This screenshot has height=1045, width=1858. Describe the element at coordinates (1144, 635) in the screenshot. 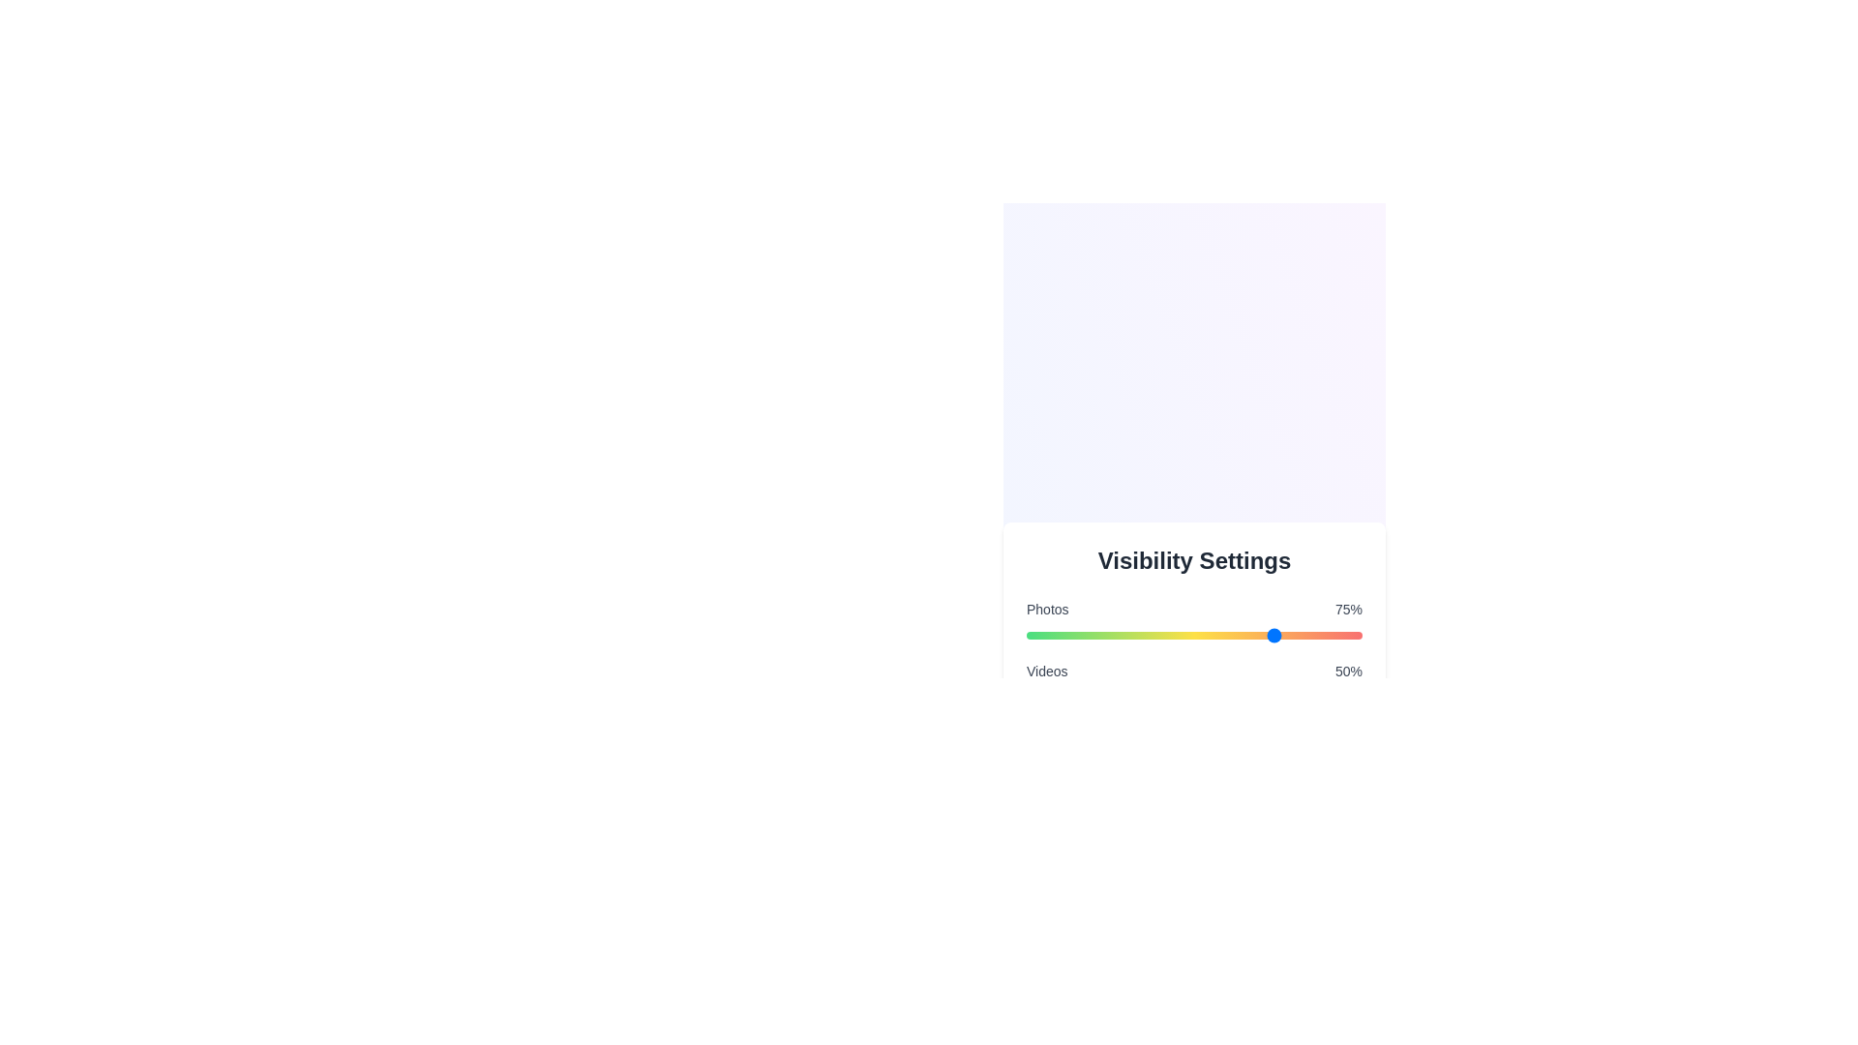

I see `the visibility percentage for a category by setting the slider to 35` at that location.